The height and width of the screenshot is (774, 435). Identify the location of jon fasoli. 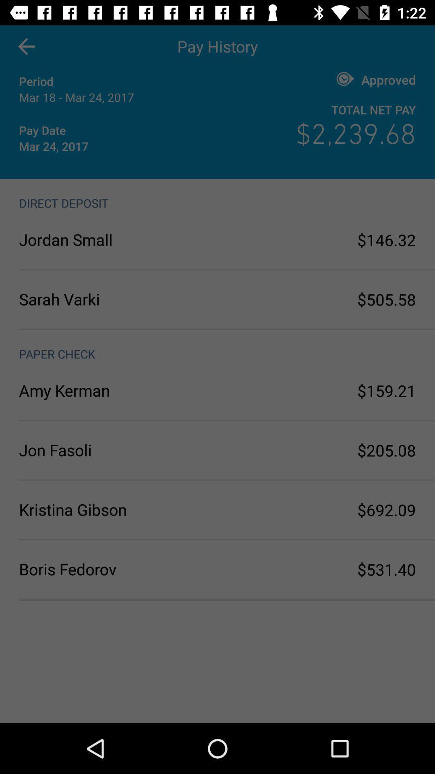
(118, 449).